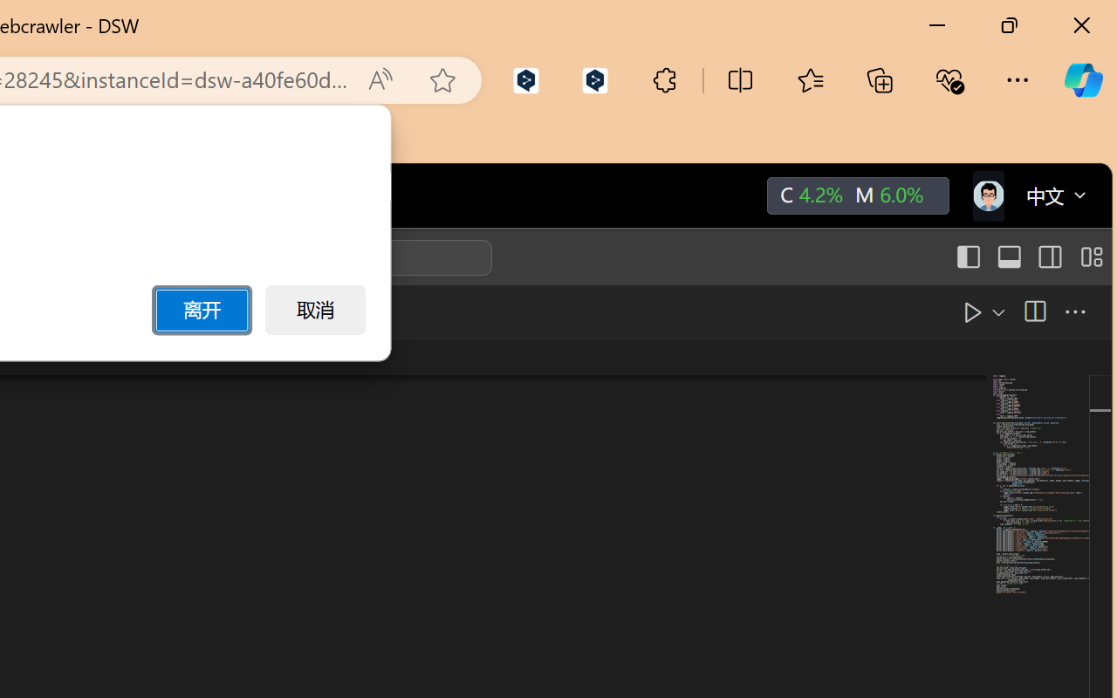  I want to click on 'C4.2% M6.0%', so click(856, 196).